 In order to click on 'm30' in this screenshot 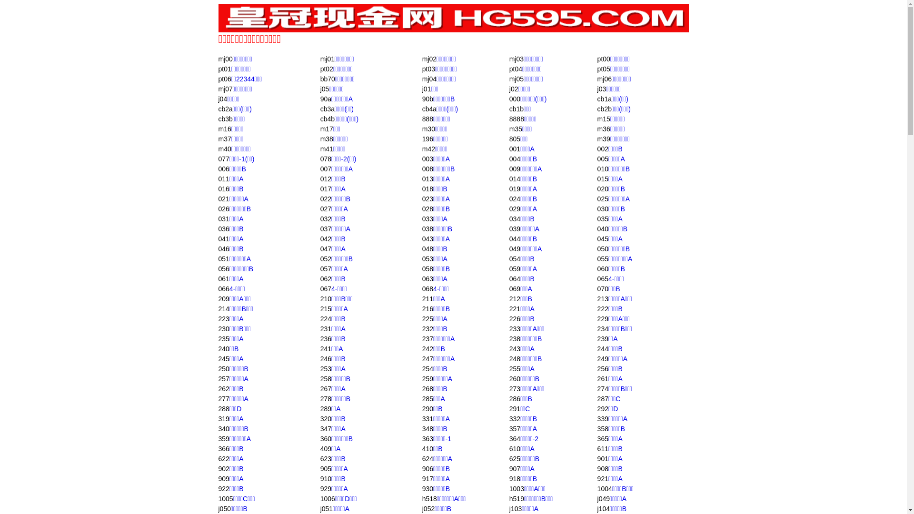, I will do `click(422, 128)`.